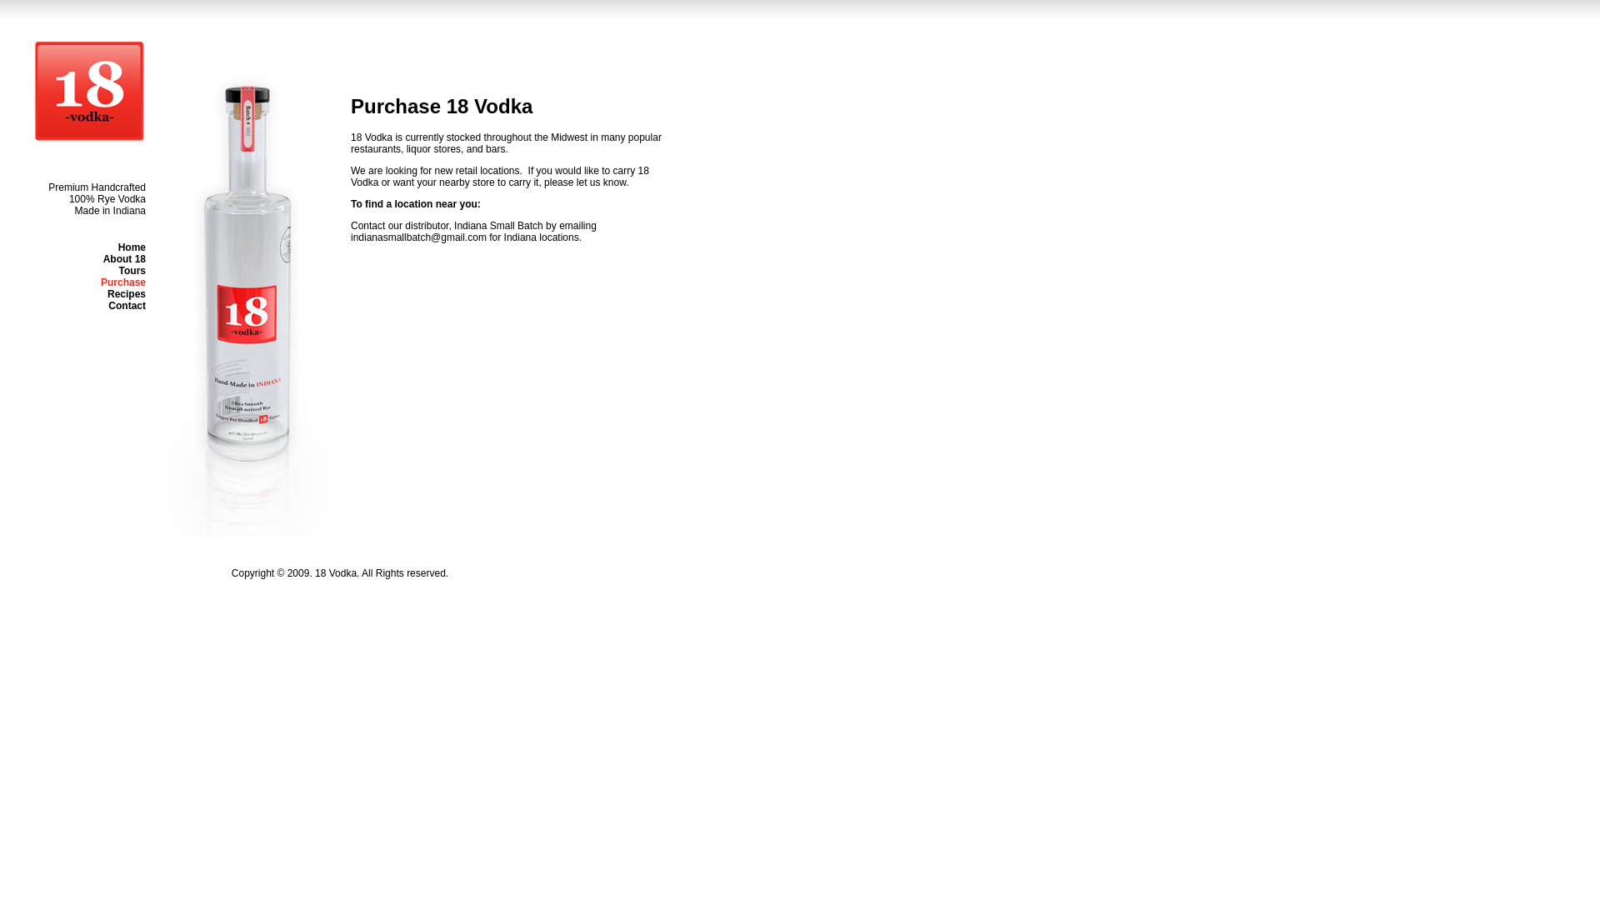 The height and width of the screenshot is (900, 1600). Describe the element at coordinates (123, 259) in the screenshot. I see `'About 18'` at that location.